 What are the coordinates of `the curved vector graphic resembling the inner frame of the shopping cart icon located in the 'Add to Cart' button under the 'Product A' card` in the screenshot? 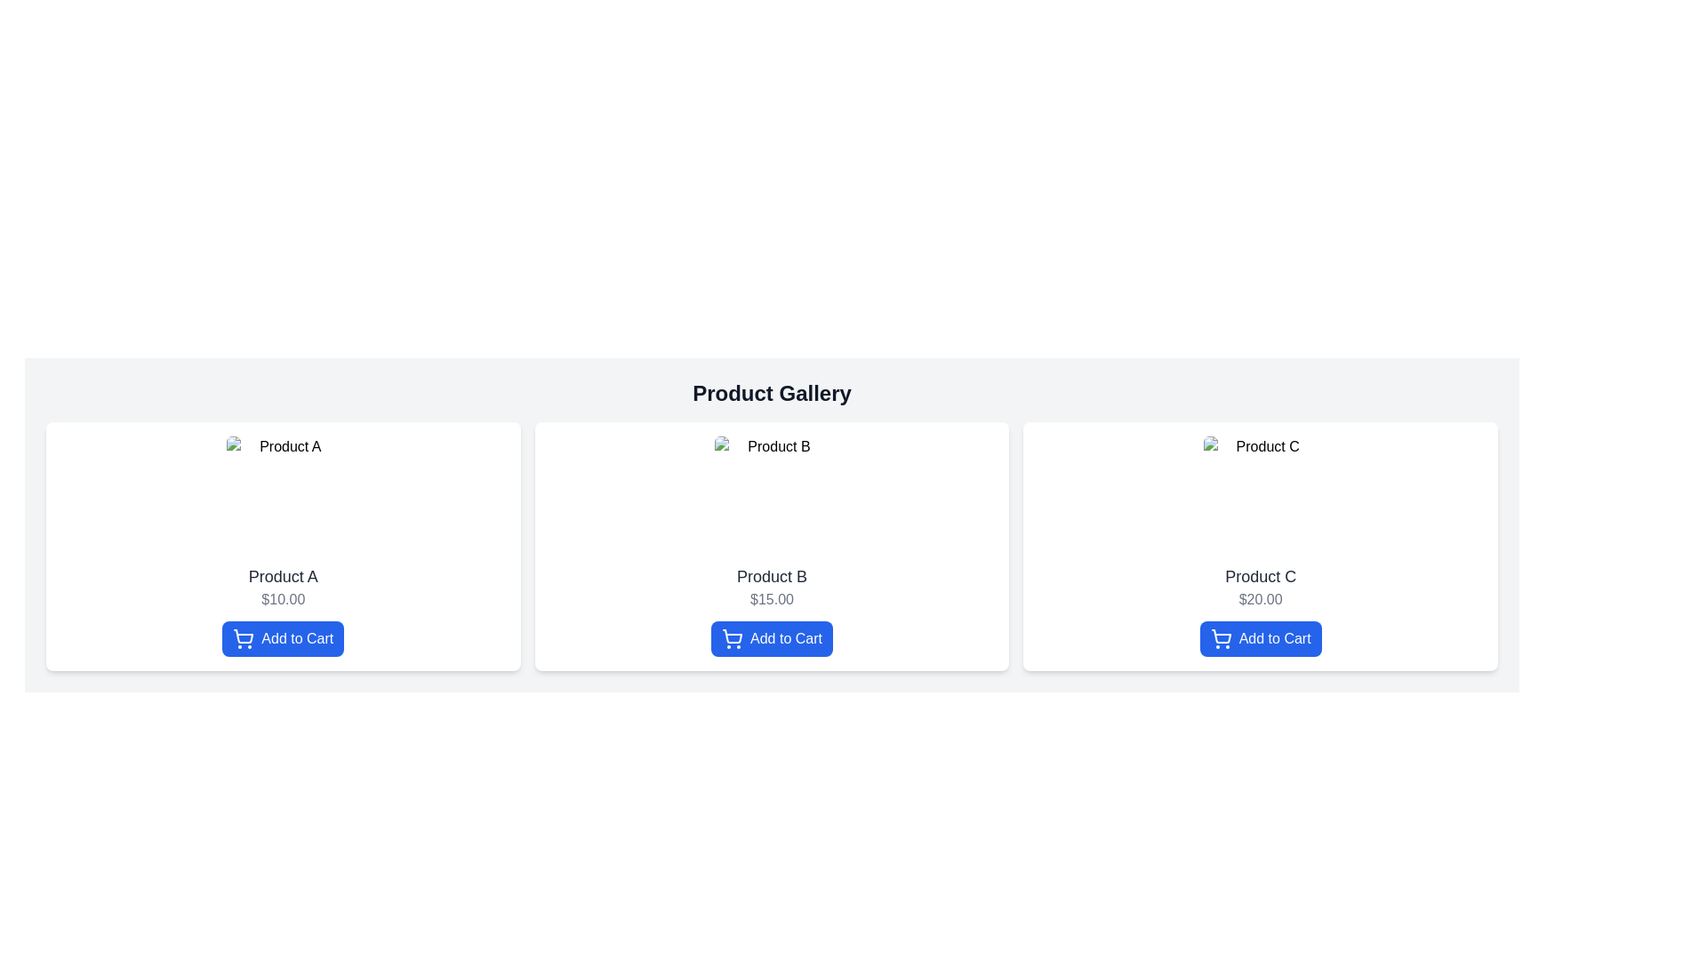 It's located at (243, 636).